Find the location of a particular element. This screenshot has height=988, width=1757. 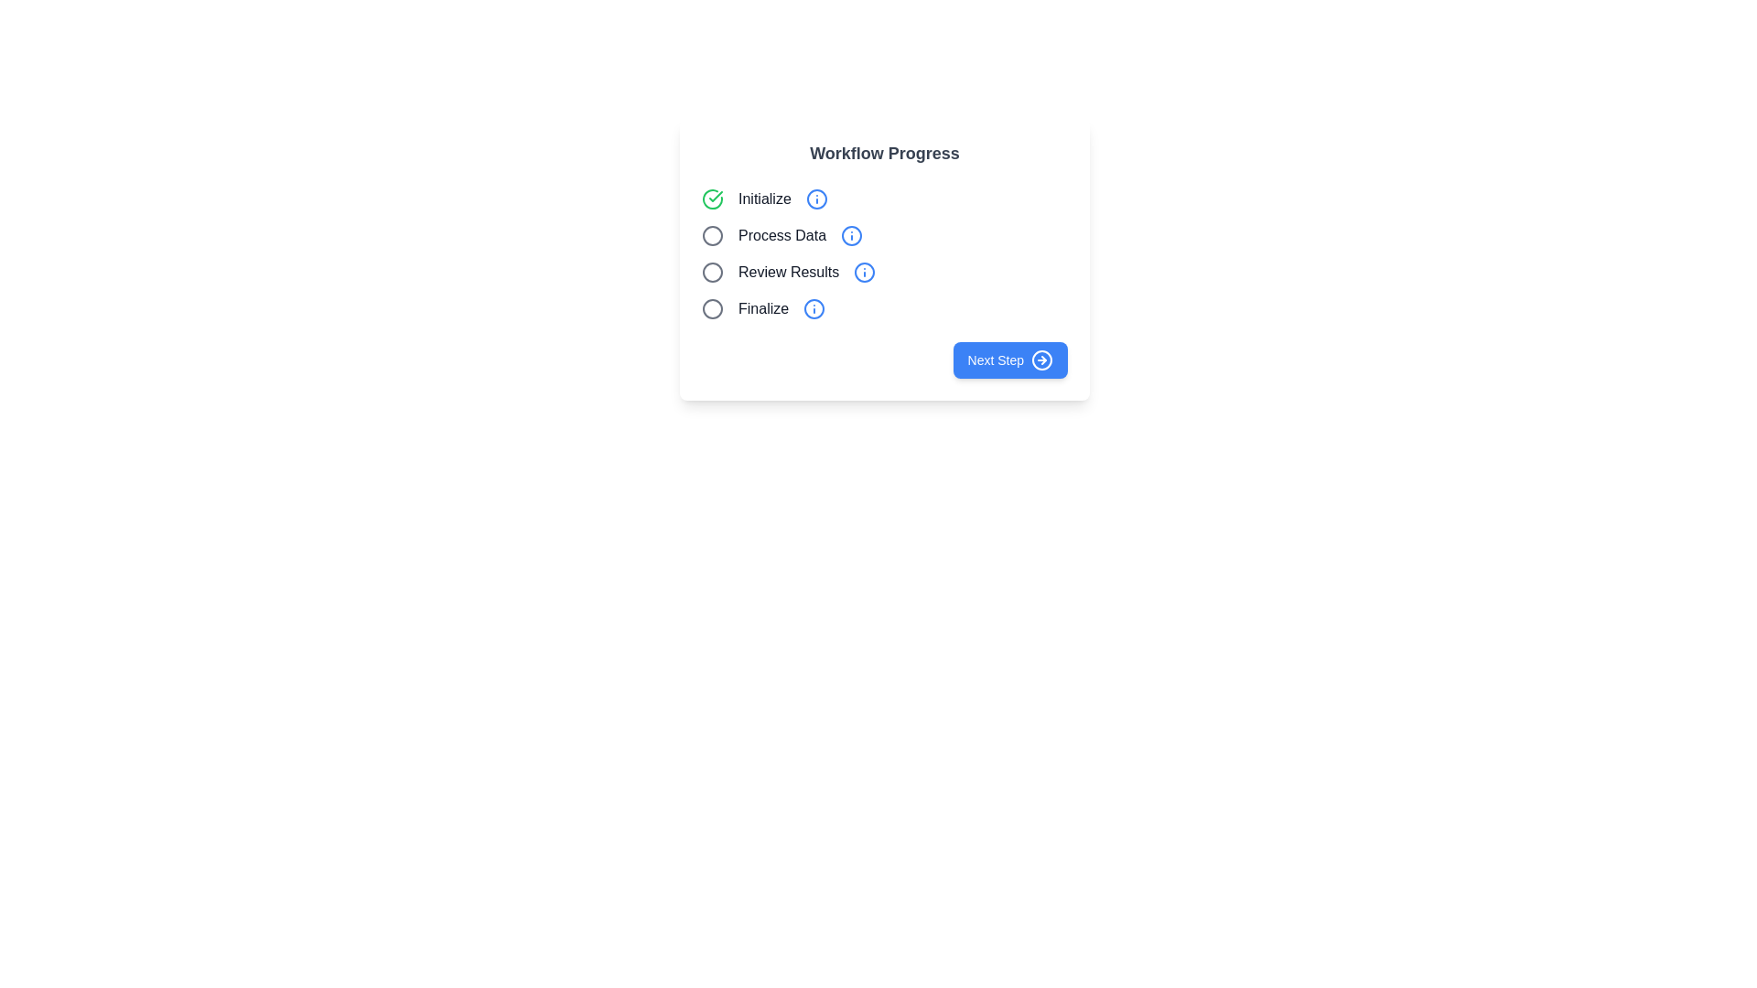

the visual state of the unfilled grey circle graphical component that is adjacent to the 'Process Data' text is located at coordinates (711, 235).